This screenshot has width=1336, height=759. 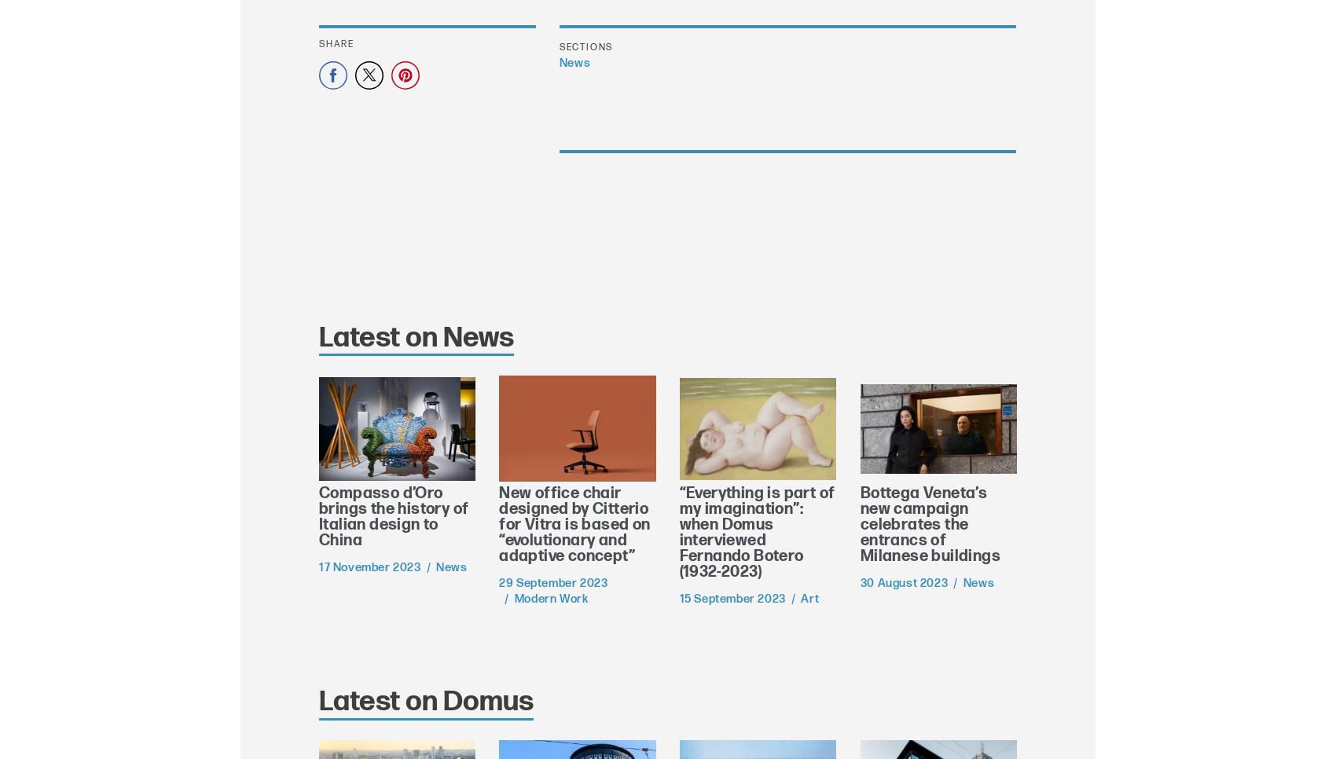 What do you see at coordinates (799, 598) in the screenshot?
I see `'Art'` at bounding box center [799, 598].